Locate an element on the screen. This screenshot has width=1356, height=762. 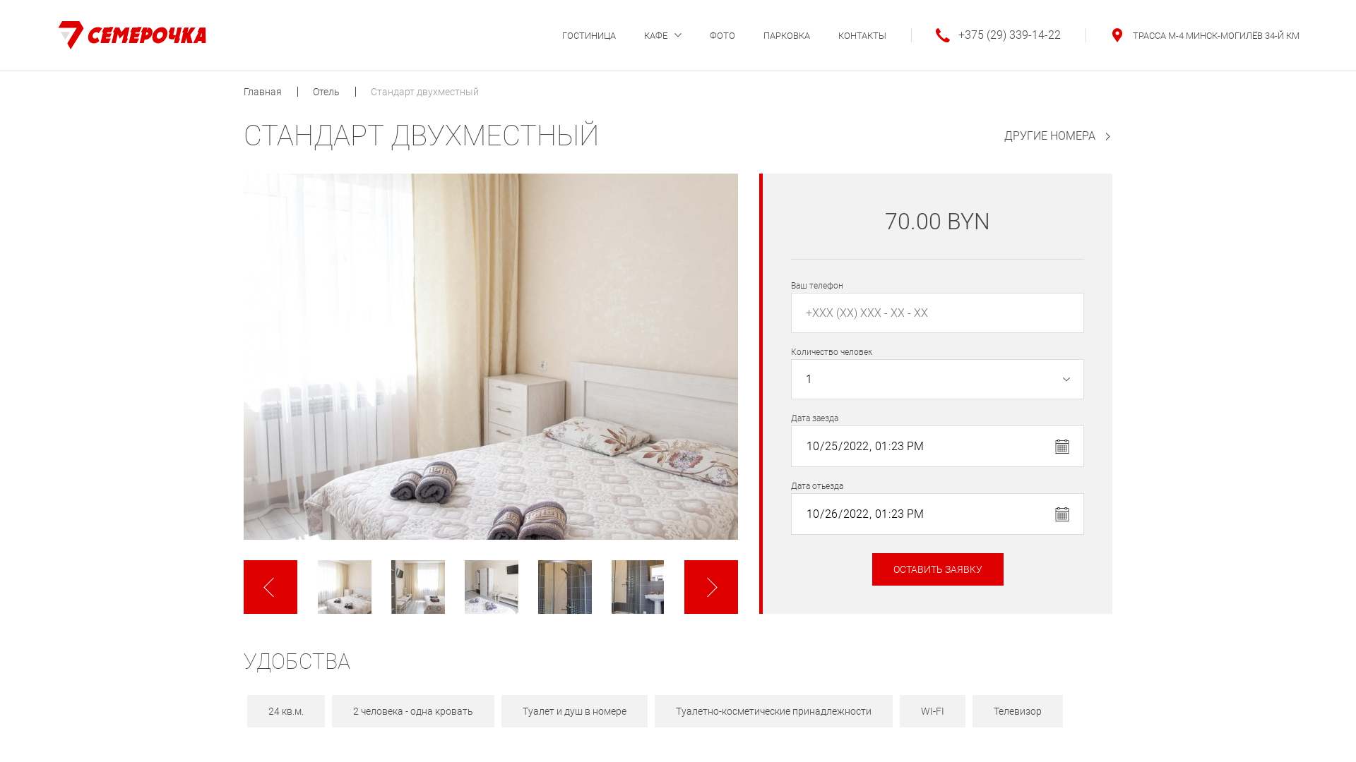
'+375 (29) 339-14-22' is located at coordinates (985, 35).